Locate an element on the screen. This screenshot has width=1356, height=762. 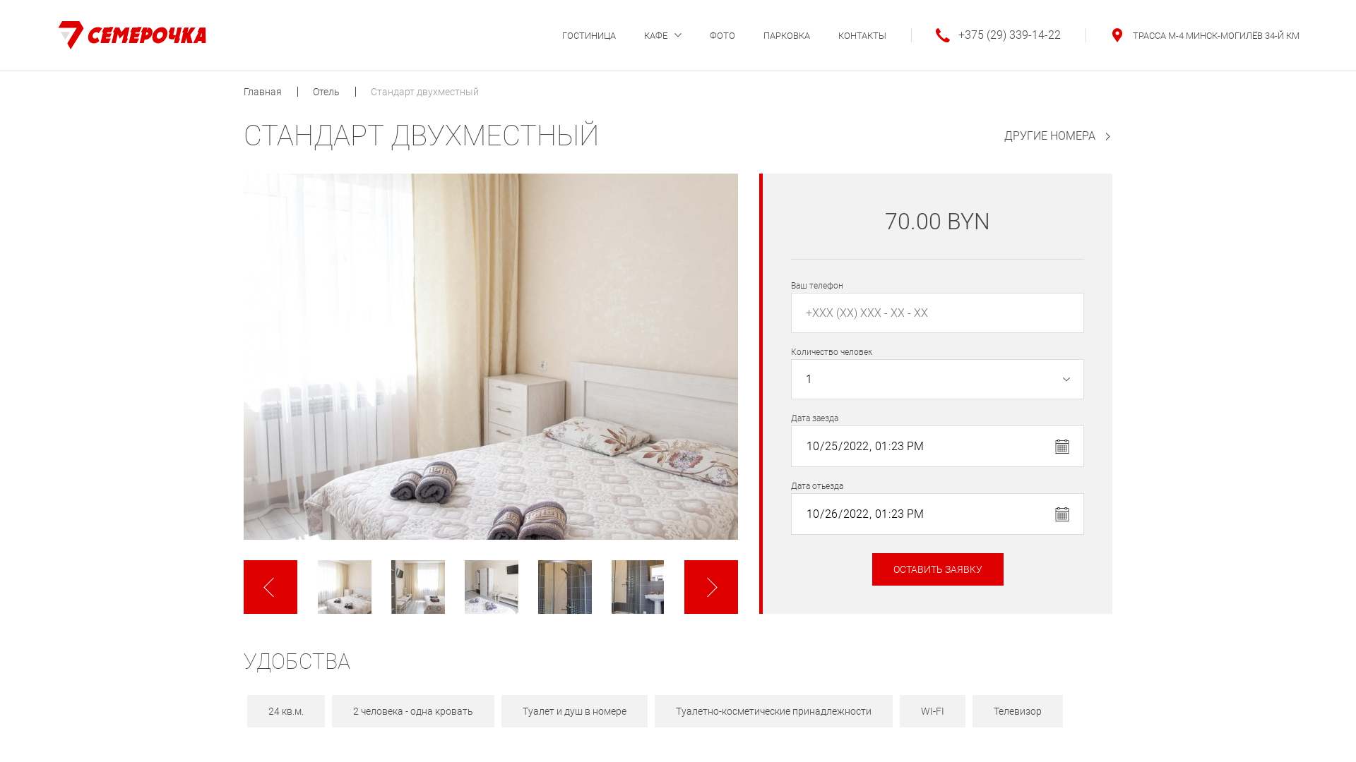
'+375 (29) 339-14-22' is located at coordinates (985, 35).